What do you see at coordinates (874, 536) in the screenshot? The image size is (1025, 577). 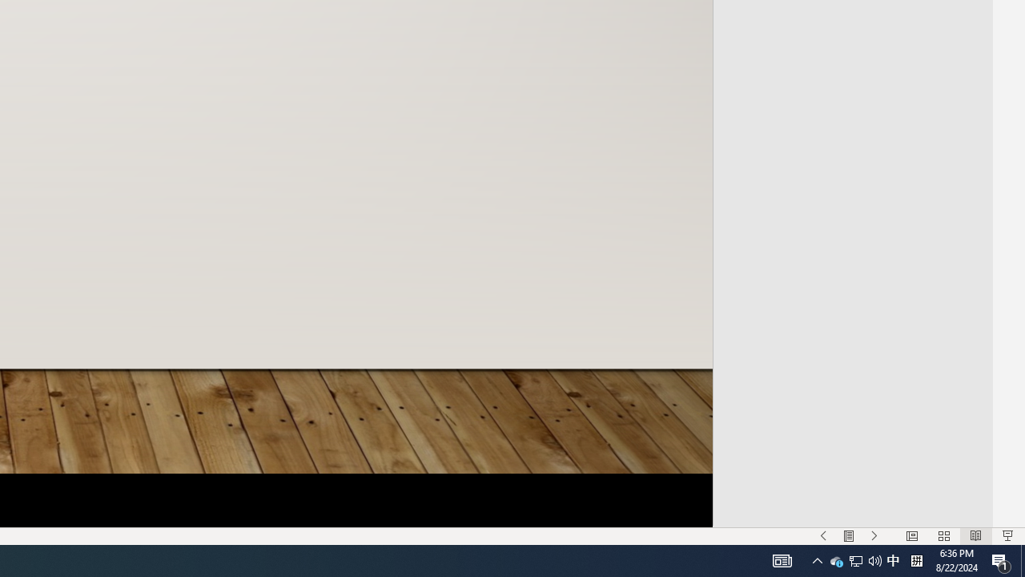 I see `'Slide Show Next On'` at bounding box center [874, 536].